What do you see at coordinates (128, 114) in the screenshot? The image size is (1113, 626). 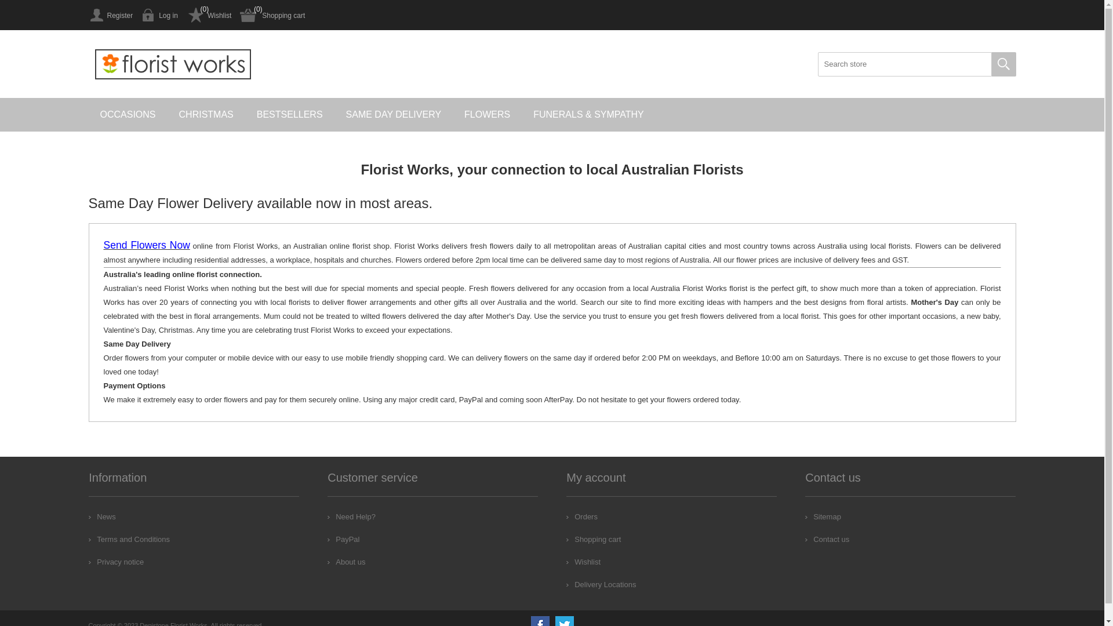 I see `'OCCASIONS'` at bounding box center [128, 114].